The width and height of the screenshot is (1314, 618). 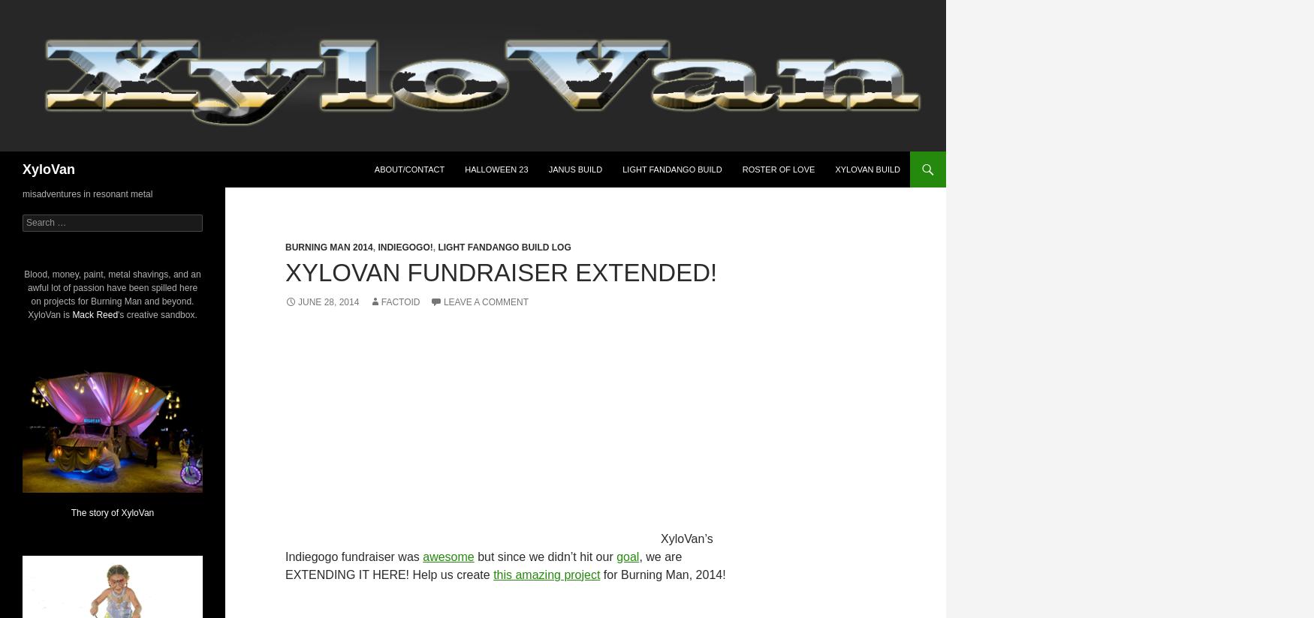 What do you see at coordinates (111, 513) in the screenshot?
I see `'The story of XyloVan'` at bounding box center [111, 513].